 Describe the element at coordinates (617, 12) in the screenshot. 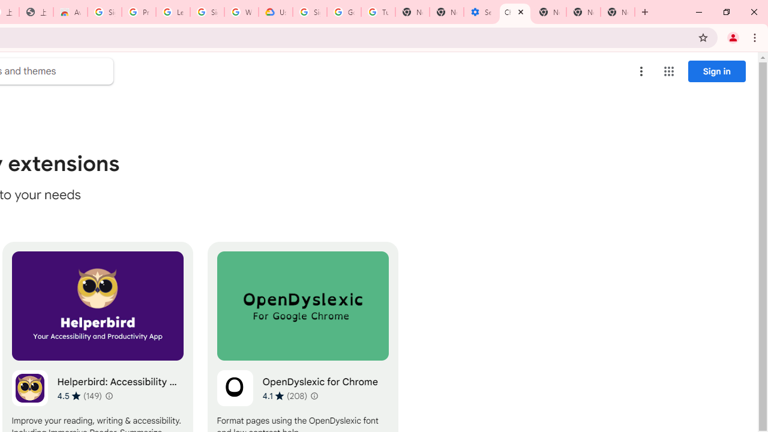

I see `'New Tab'` at that location.